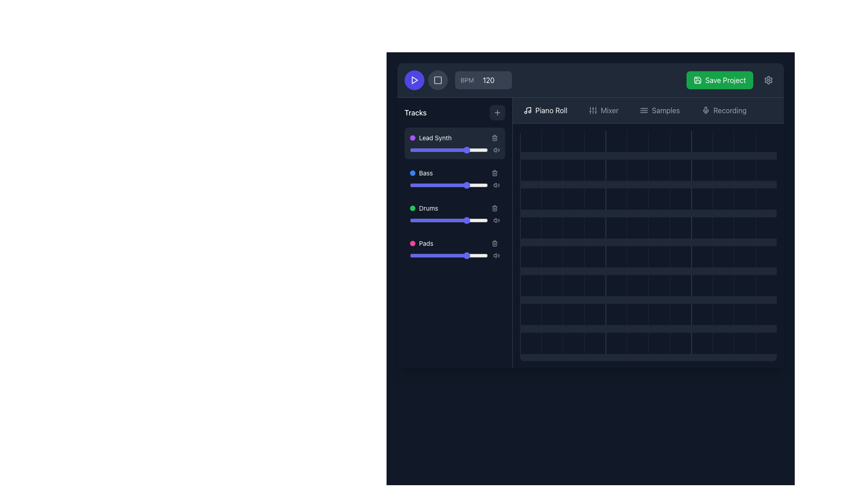 The height and width of the screenshot is (487, 866). Describe the element at coordinates (768, 79) in the screenshot. I see `the cogwheel icon button located at the top-right area of the interface` at that location.